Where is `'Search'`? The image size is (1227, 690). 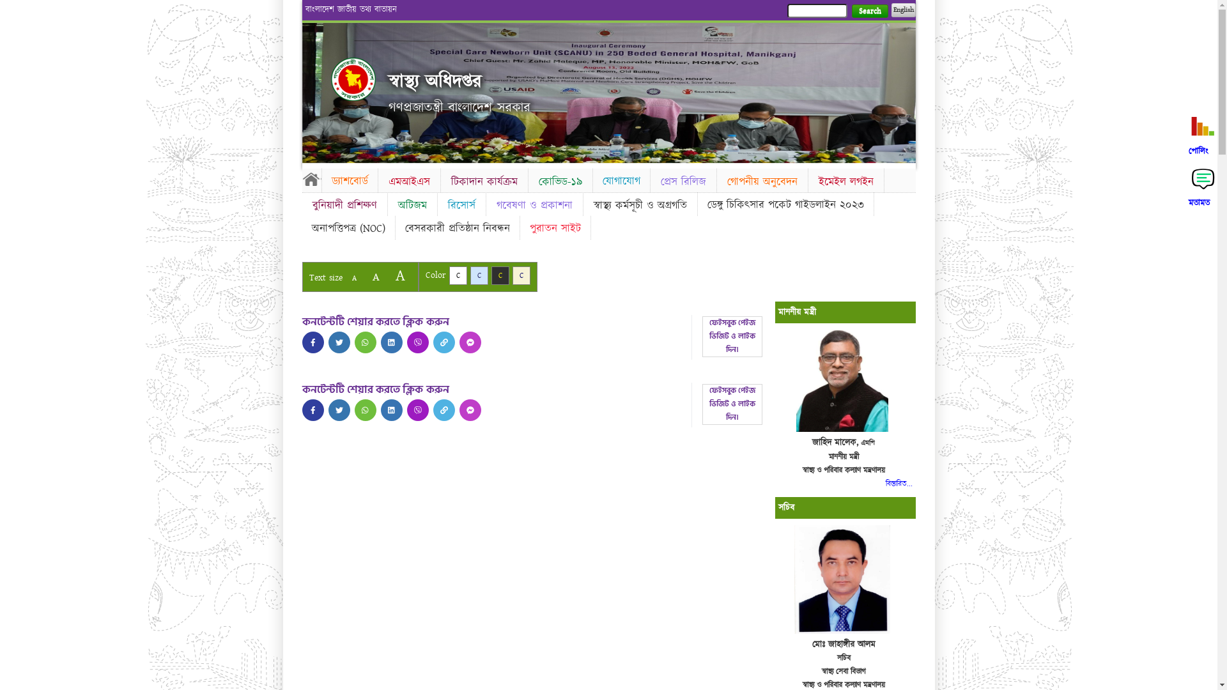 'Search' is located at coordinates (869, 11).